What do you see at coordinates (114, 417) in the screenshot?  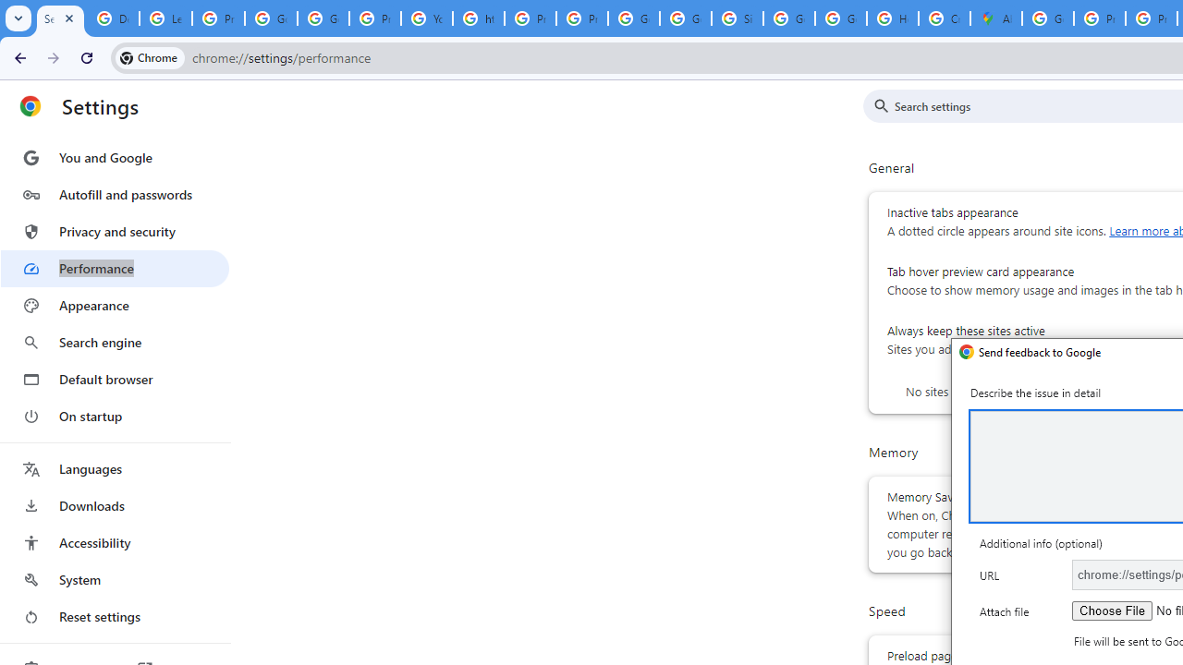 I see `'On startup'` at bounding box center [114, 417].